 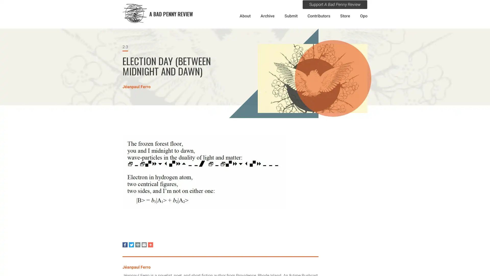 What do you see at coordinates (125, 244) in the screenshot?
I see `Share to Facebook` at bounding box center [125, 244].